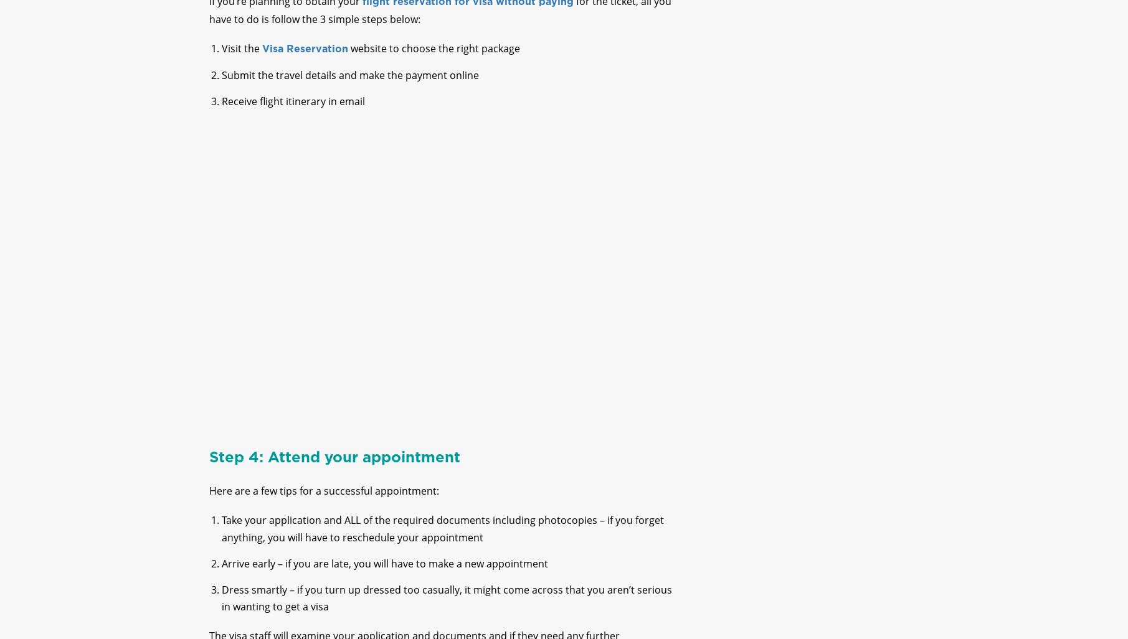  I want to click on 'website to choose the right package', so click(433, 57).